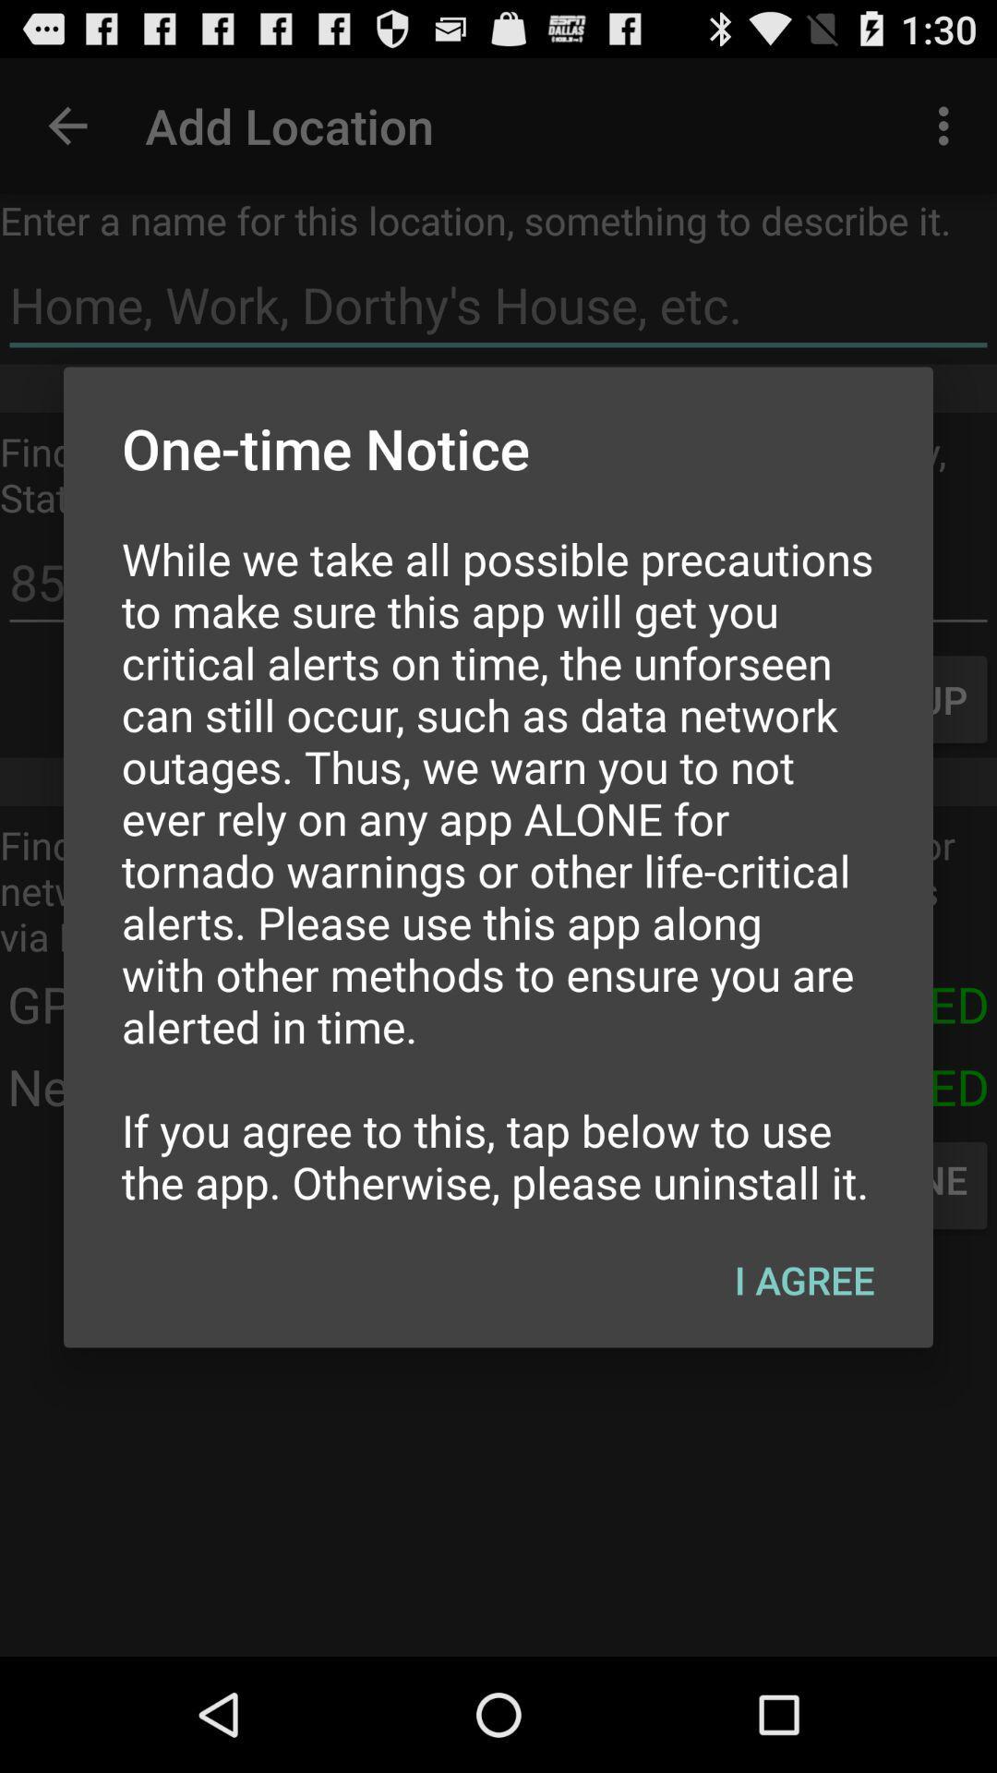 The width and height of the screenshot is (997, 1773). I want to click on item at the bottom right corner, so click(803, 1279).